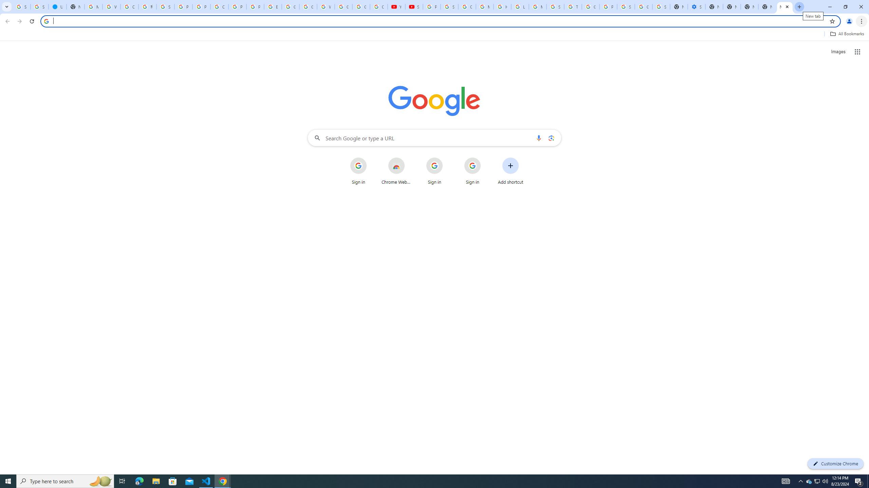 The height and width of the screenshot is (488, 869). Describe the element at coordinates (766, 6) in the screenshot. I see `'New Tab'` at that location.